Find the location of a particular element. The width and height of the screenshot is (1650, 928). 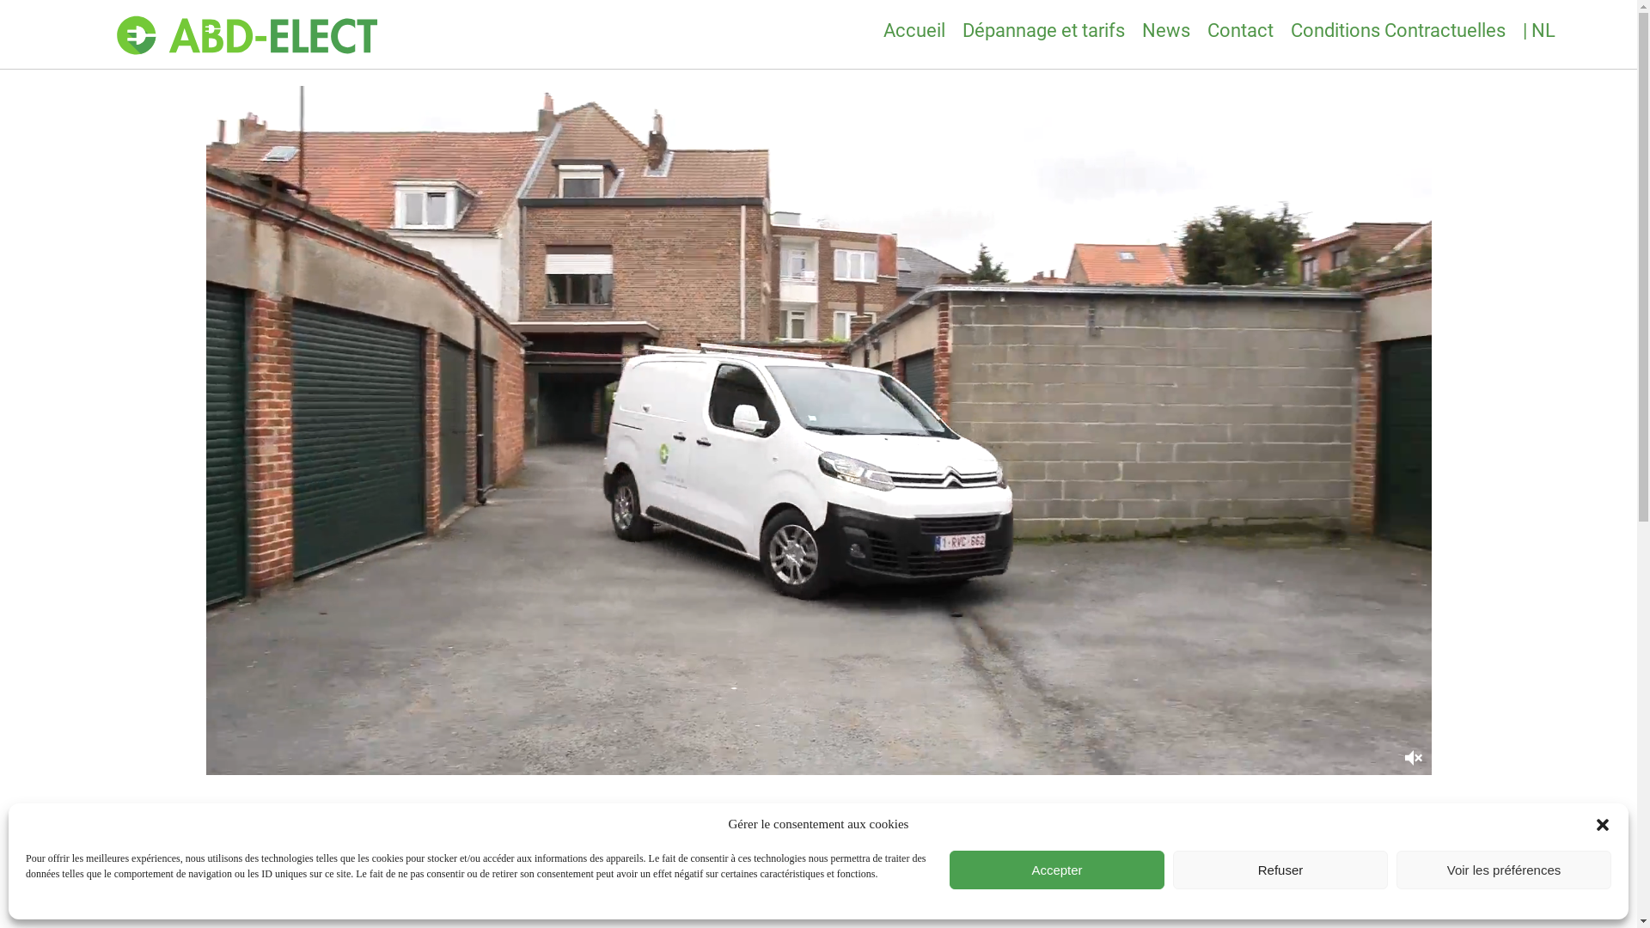

'Accepter' is located at coordinates (948, 870).